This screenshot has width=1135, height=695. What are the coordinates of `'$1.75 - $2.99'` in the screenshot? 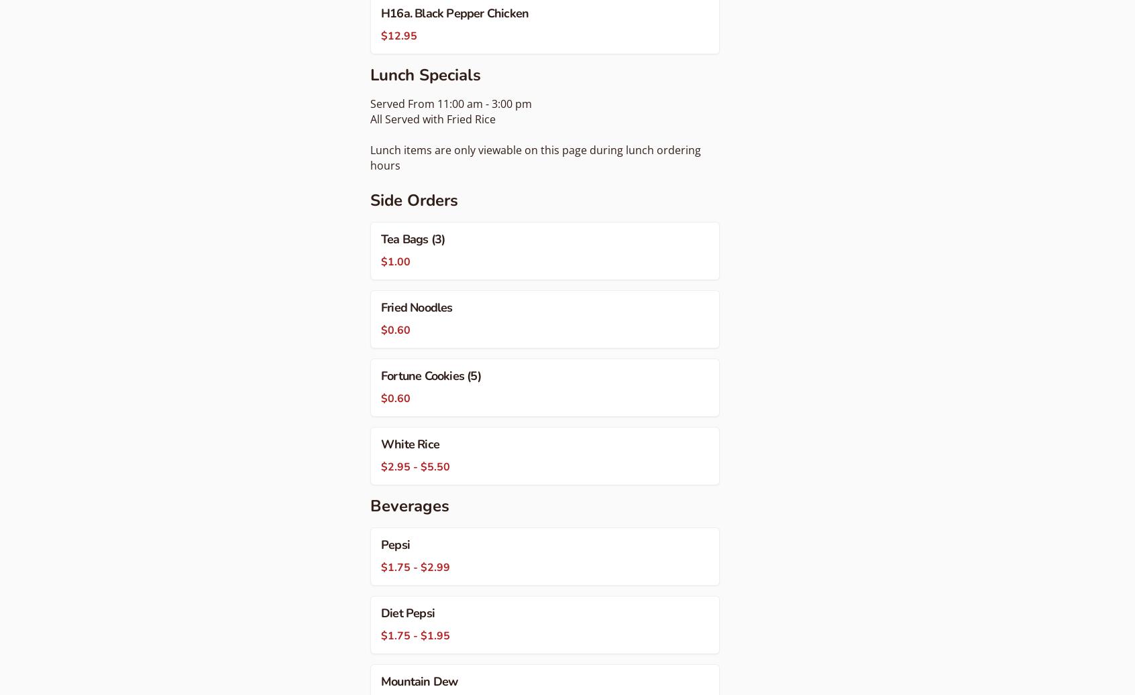 It's located at (380, 566).